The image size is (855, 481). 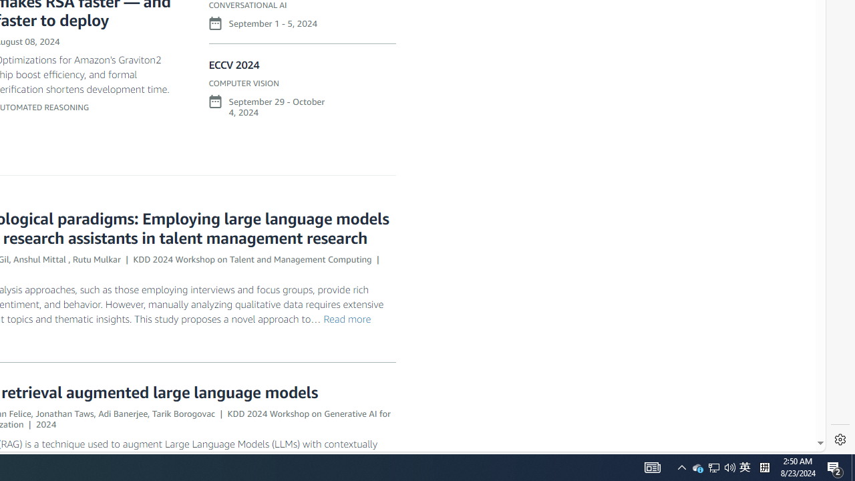 What do you see at coordinates (244, 83) in the screenshot?
I see `'COMPUTER VISION'` at bounding box center [244, 83].